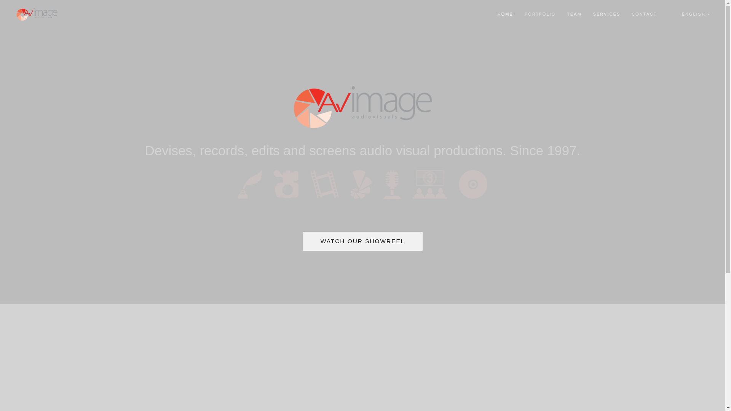  I want to click on 'Events', so click(429, 184).